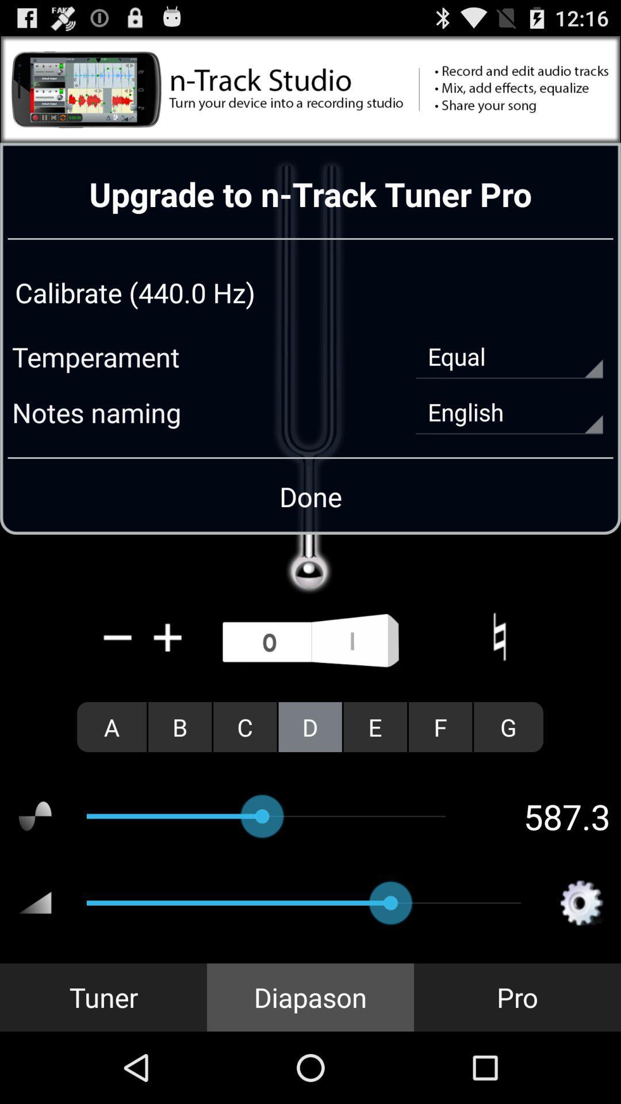  I want to click on radio button to the right of a icon, so click(180, 726).